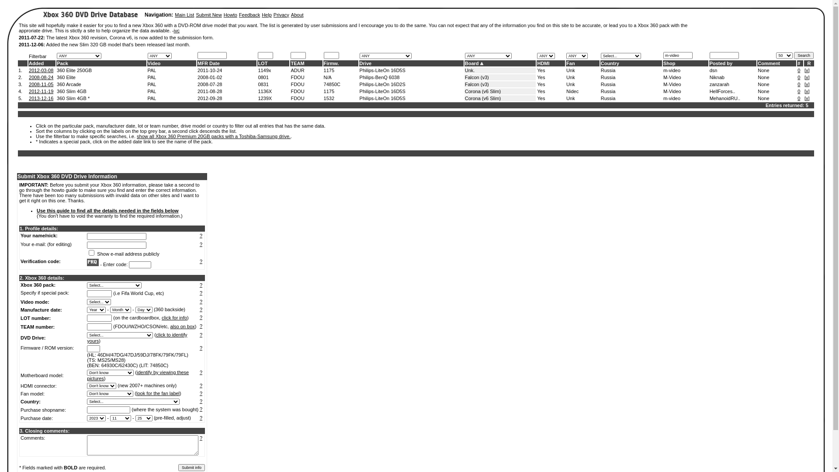 The width and height of the screenshot is (839, 472). What do you see at coordinates (41, 77) in the screenshot?
I see `'2008-08-24'` at bounding box center [41, 77].